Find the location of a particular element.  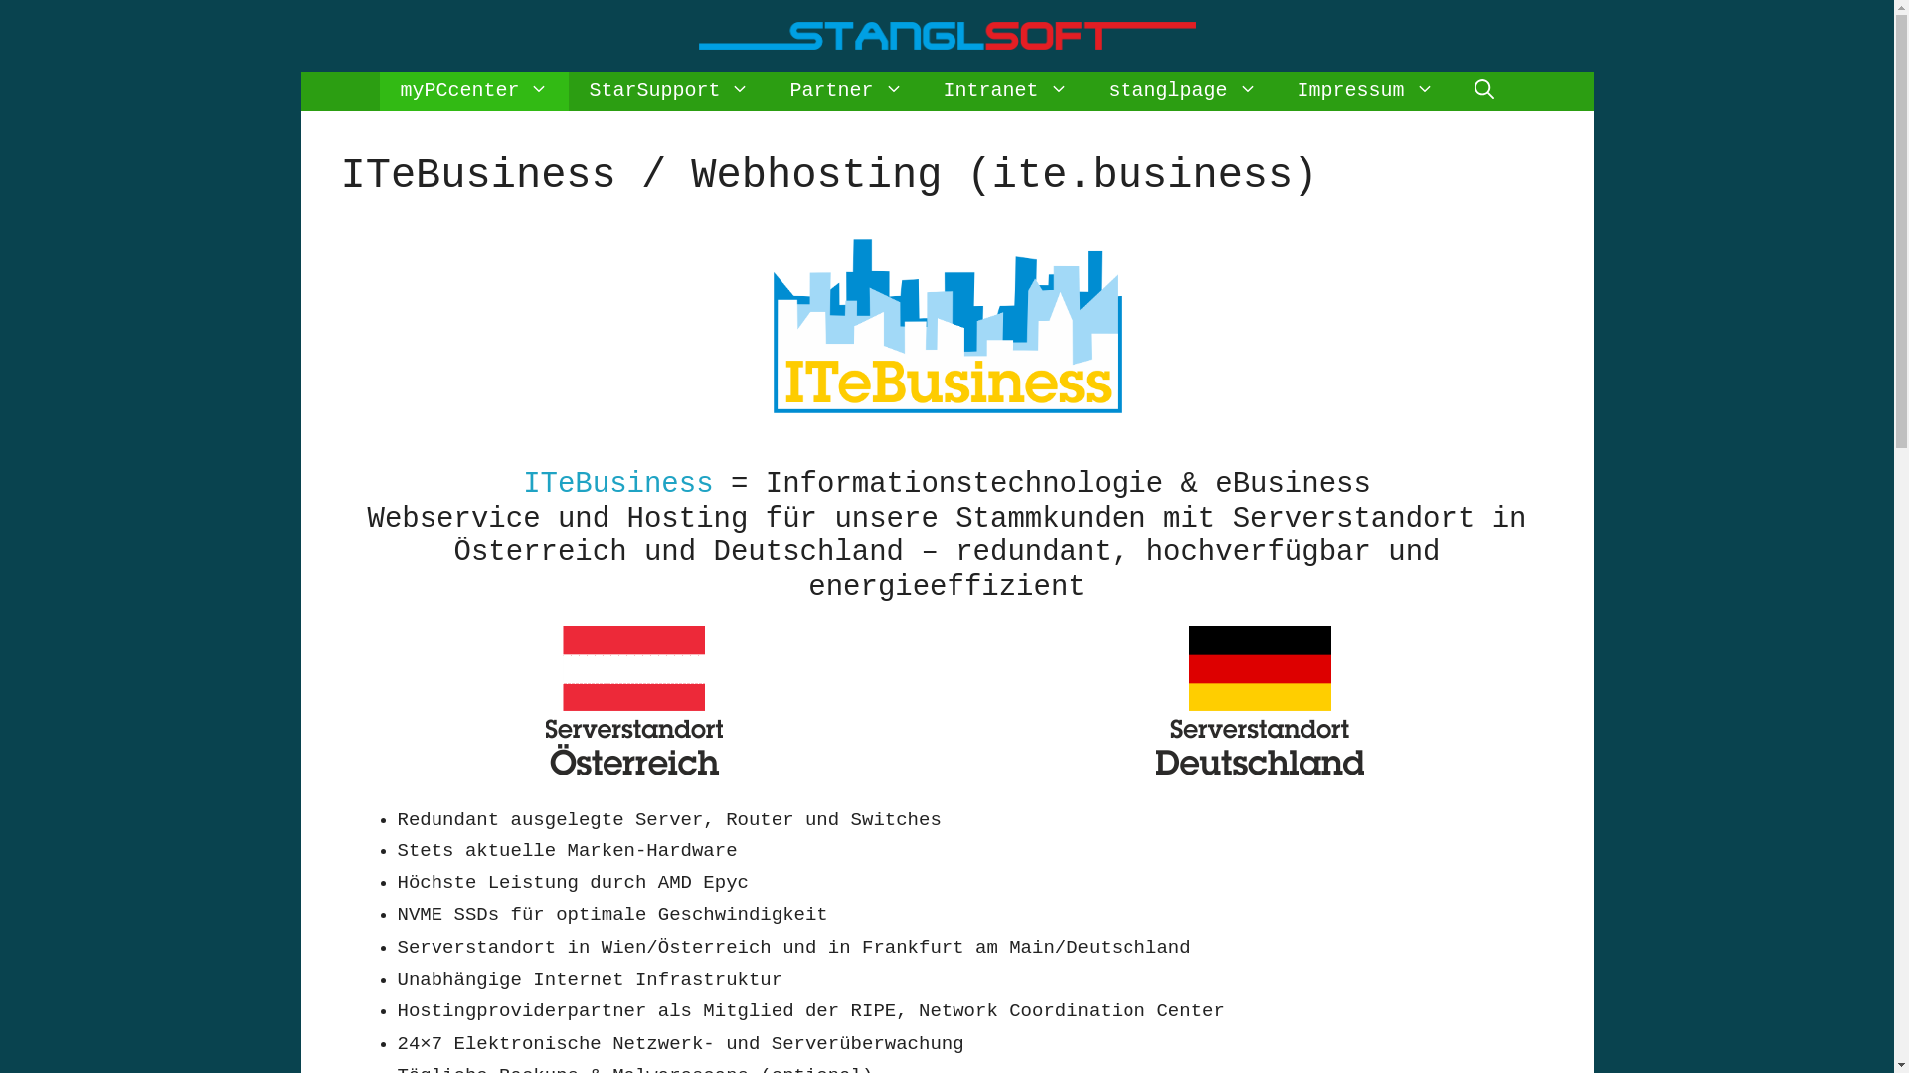

'myPCcenter' is located at coordinates (472, 91).